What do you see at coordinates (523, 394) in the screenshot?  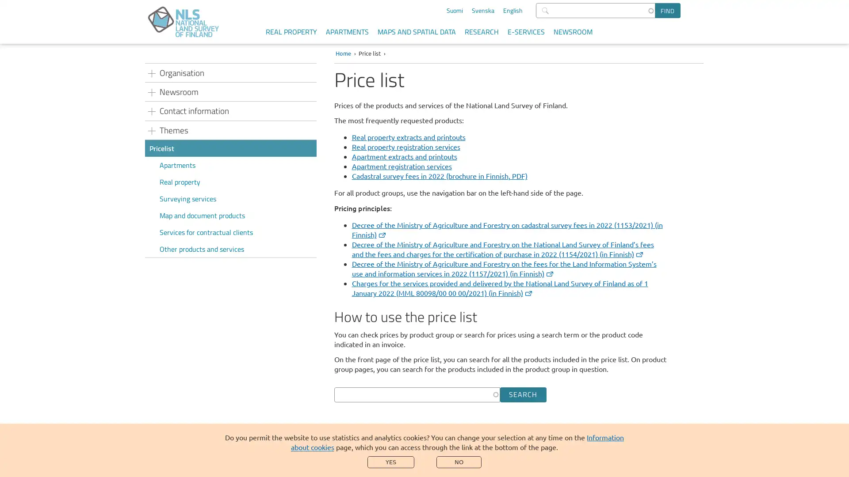 I see `Search` at bounding box center [523, 394].